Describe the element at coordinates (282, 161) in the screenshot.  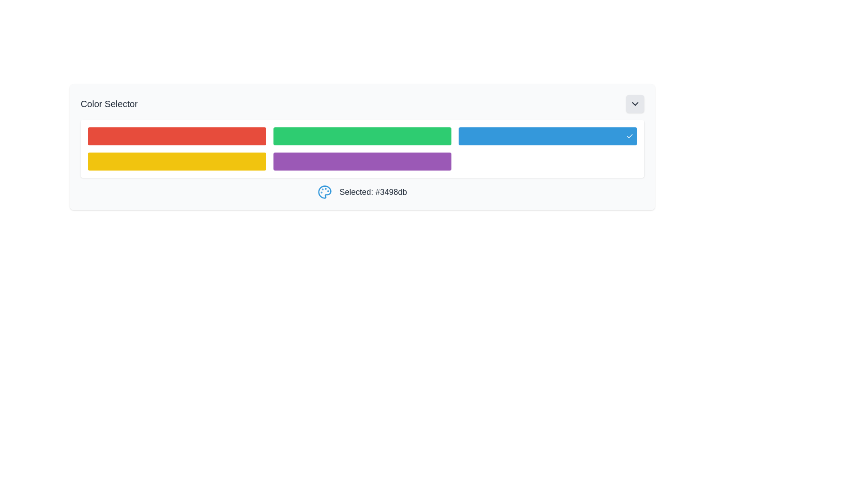
I see `the decorative component inside the purple button located in the second row of the color selector area` at that location.